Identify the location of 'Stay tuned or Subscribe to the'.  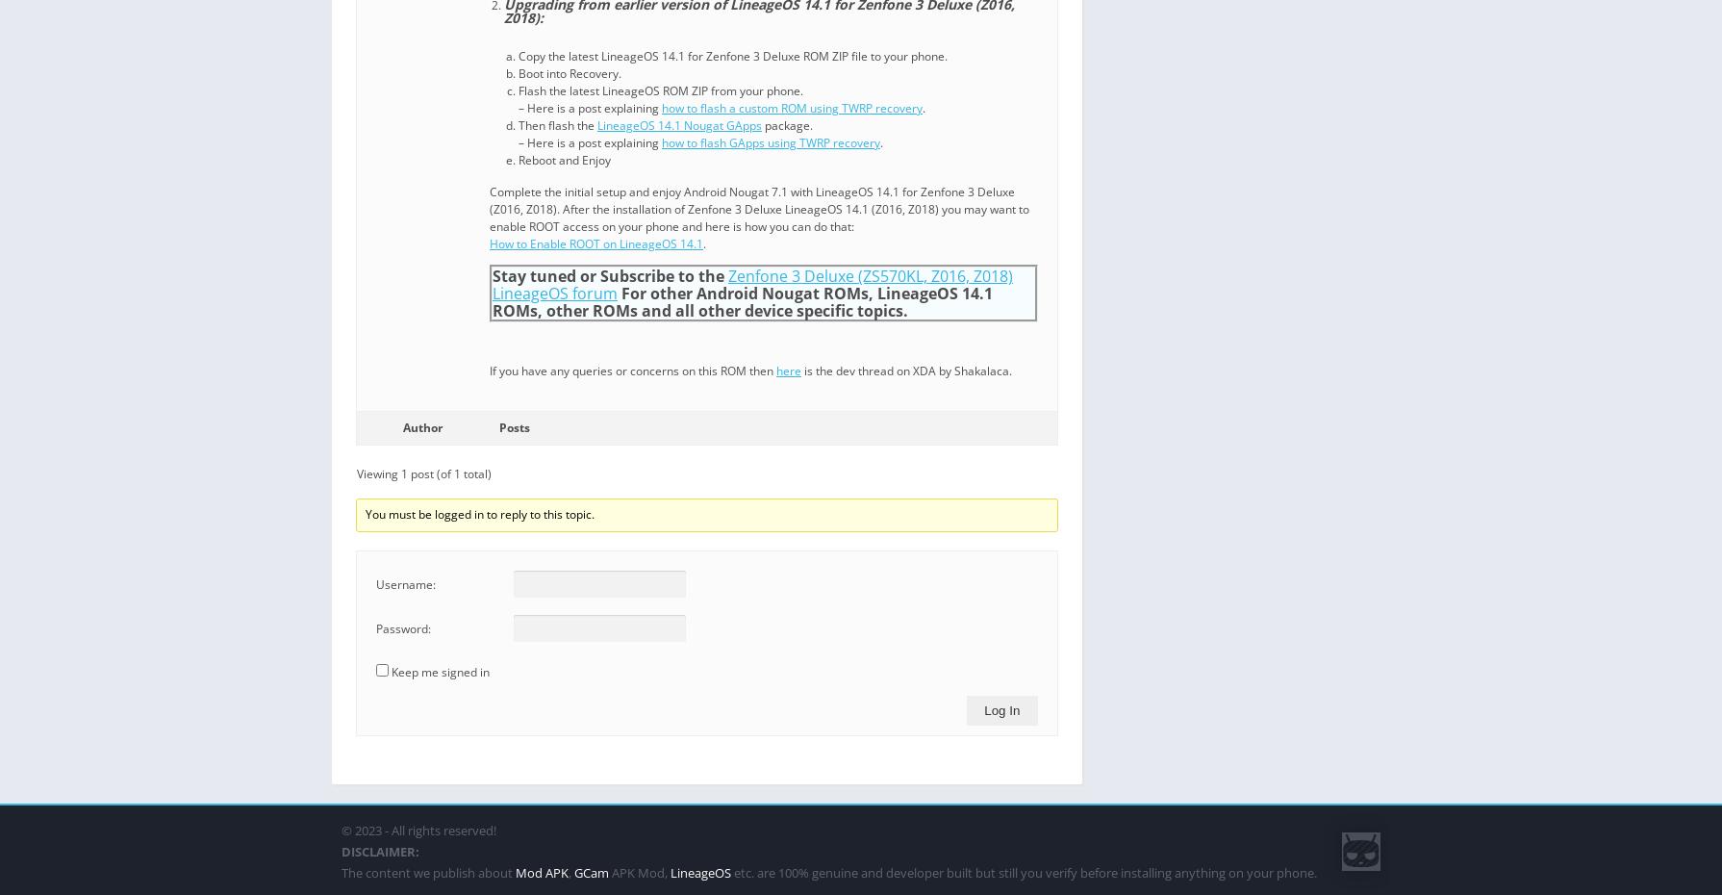
(609, 275).